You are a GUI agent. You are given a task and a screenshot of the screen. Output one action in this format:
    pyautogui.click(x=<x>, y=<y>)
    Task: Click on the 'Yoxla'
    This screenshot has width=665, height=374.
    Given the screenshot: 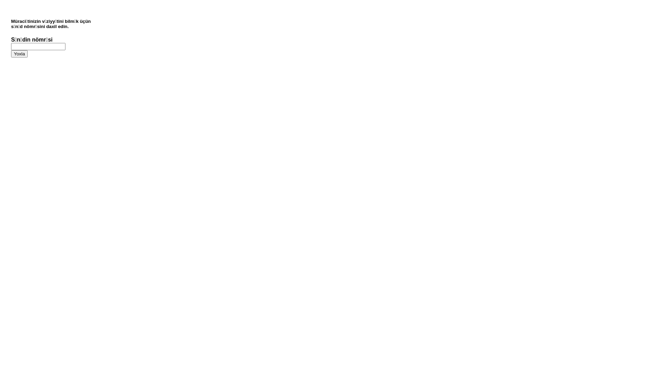 What is the action you would take?
    pyautogui.click(x=11, y=53)
    